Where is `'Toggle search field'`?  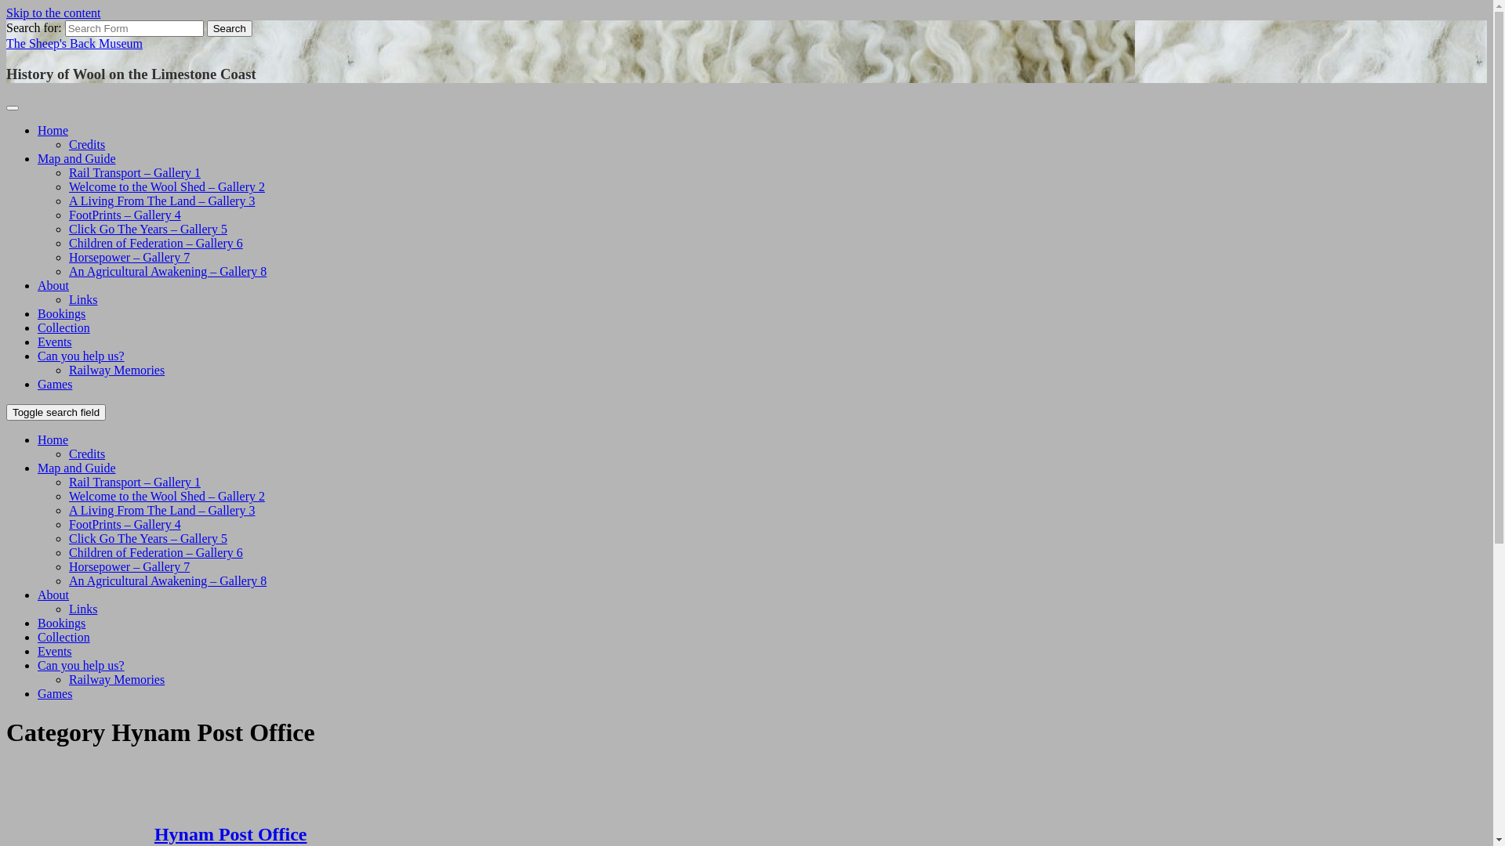
'Toggle search field' is located at coordinates (56, 411).